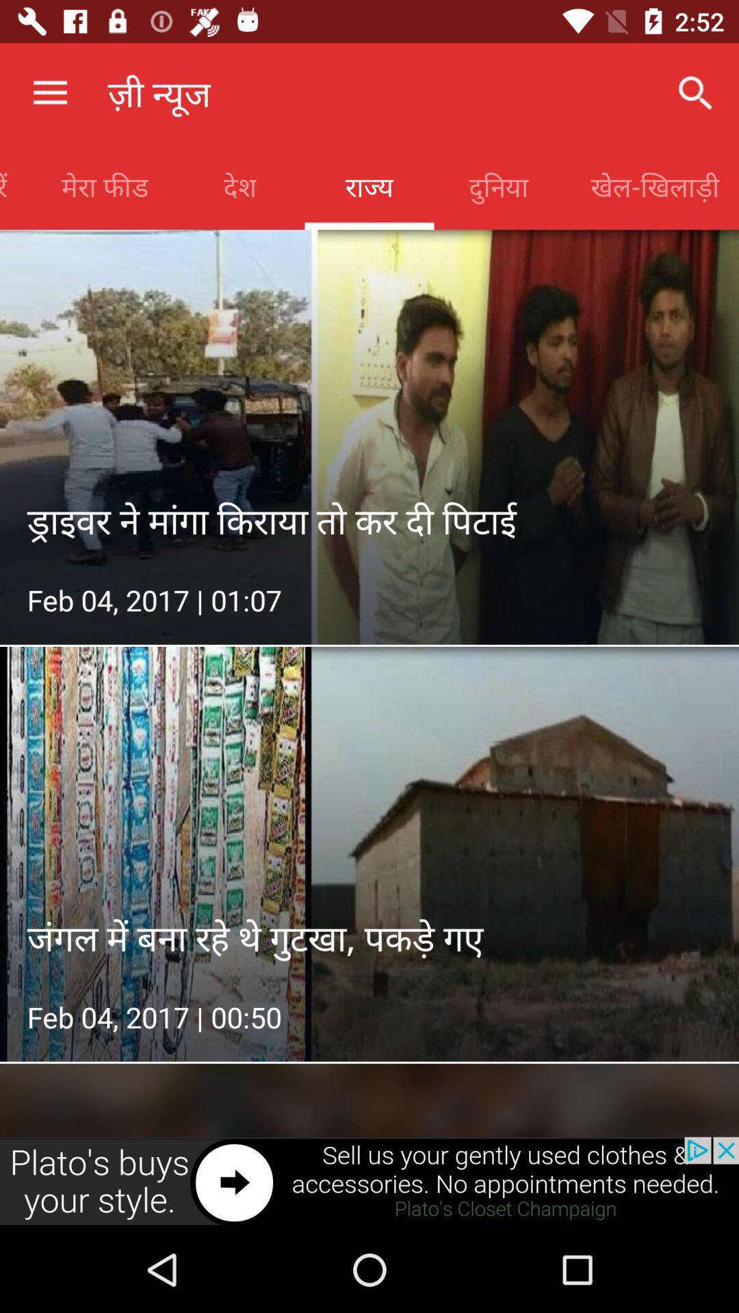 This screenshot has height=1313, width=739. I want to click on the search button, so click(696, 93).